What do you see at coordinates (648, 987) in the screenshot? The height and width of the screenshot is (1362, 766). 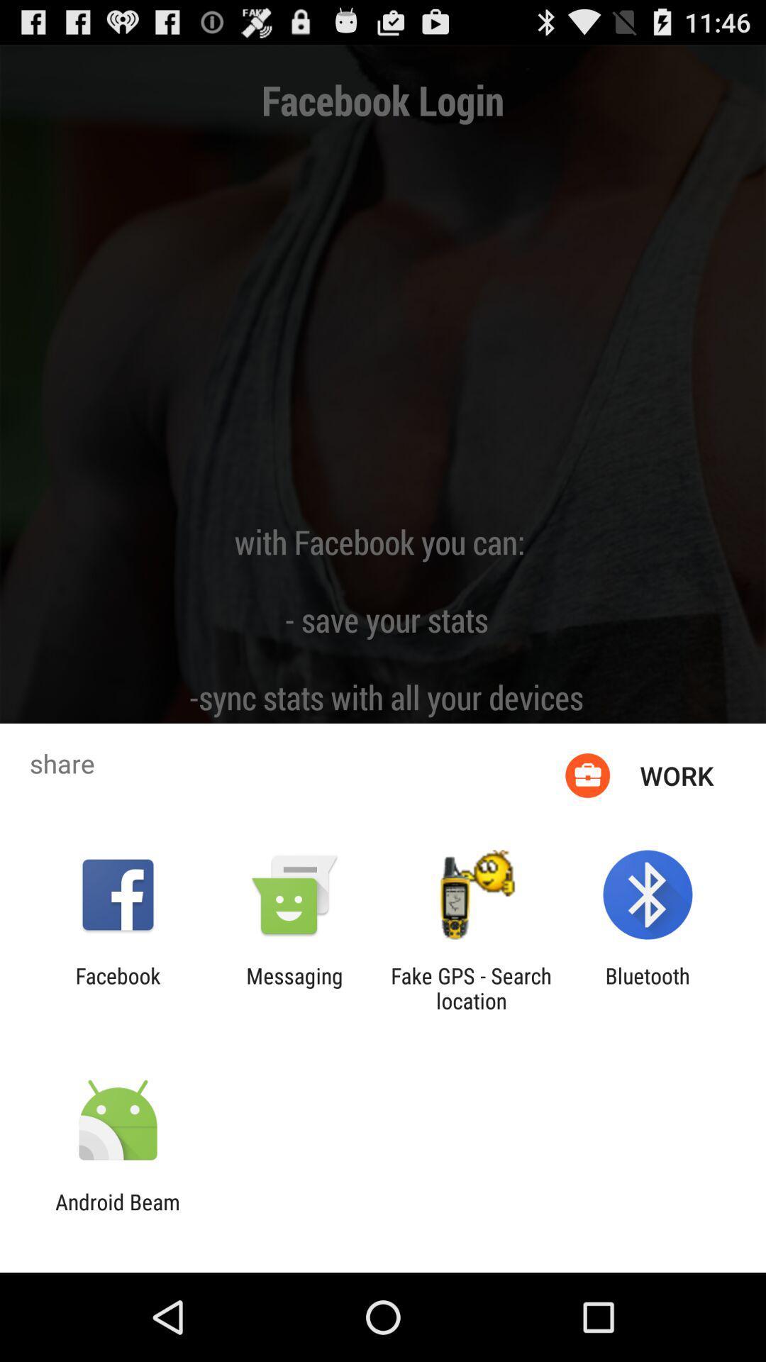 I see `the item to the right of fake gps search item` at bounding box center [648, 987].